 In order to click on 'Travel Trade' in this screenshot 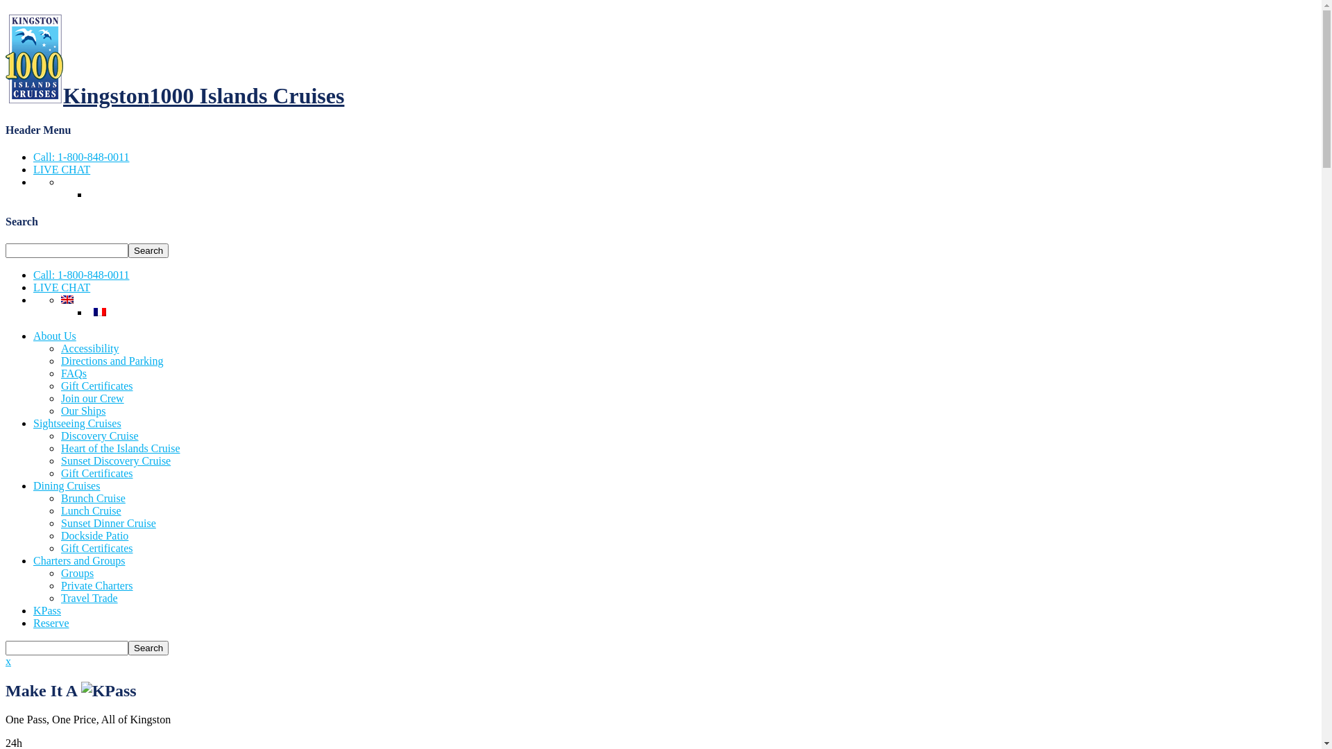, I will do `click(89, 597)`.